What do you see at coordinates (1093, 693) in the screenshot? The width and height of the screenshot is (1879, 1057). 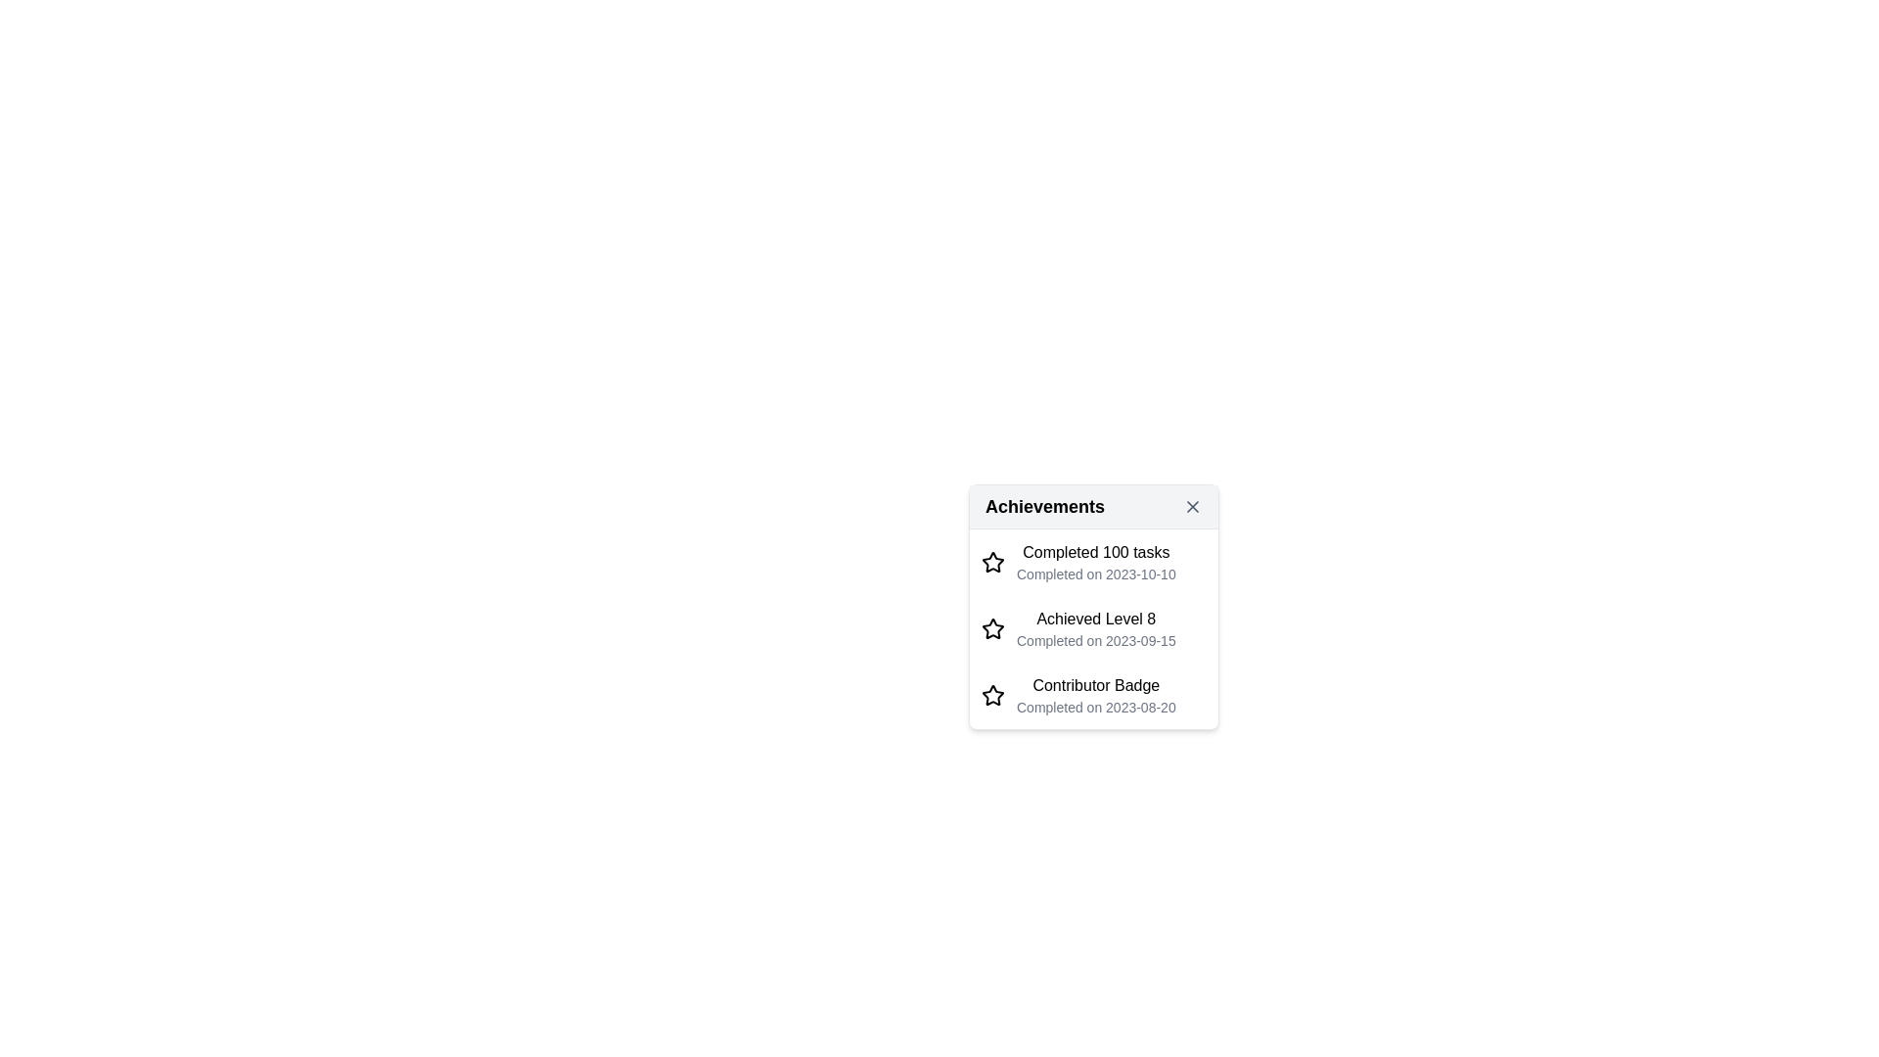 I see `the third item in the achievements section, which displays a star icon and the text 'Contributor Badge' with a date below it` at bounding box center [1093, 693].